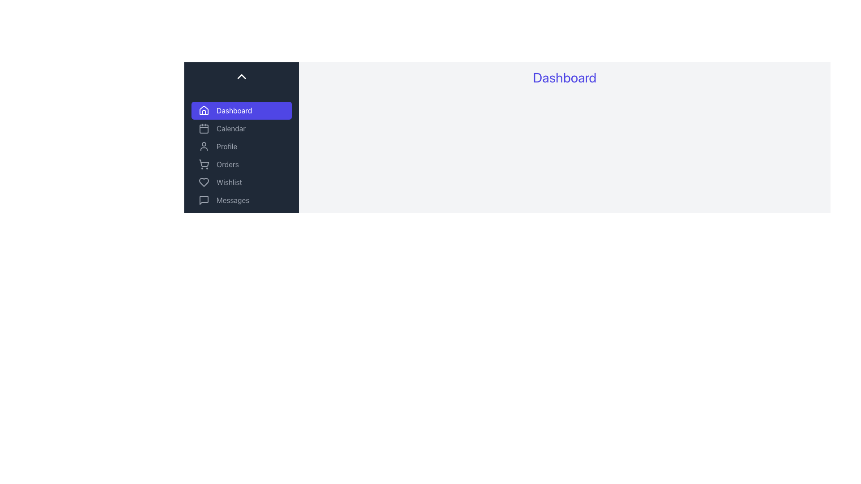  Describe the element at coordinates (233, 200) in the screenshot. I see `the 'Messages' text label in the sidebar menu, which is displayed in light gray font on a dark background, accompanied by a speech bubble icon to its left` at that location.